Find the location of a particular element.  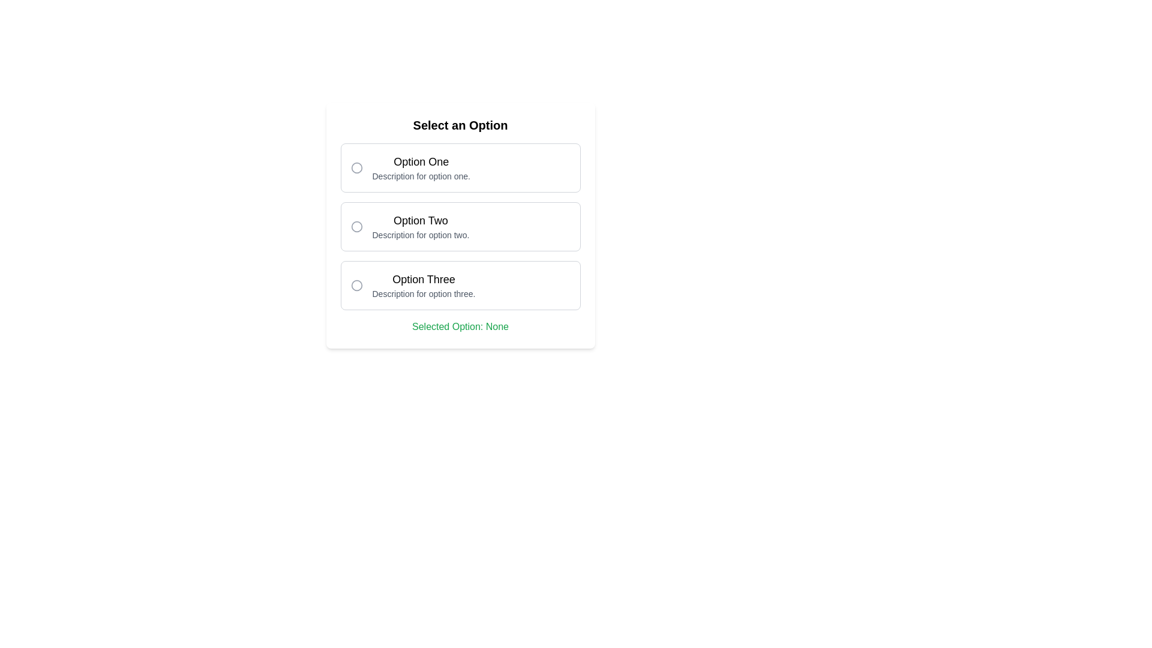

the Radio Button Indicator for 'Option One' in the 'Select an Option' list is located at coordinates (356, 168).